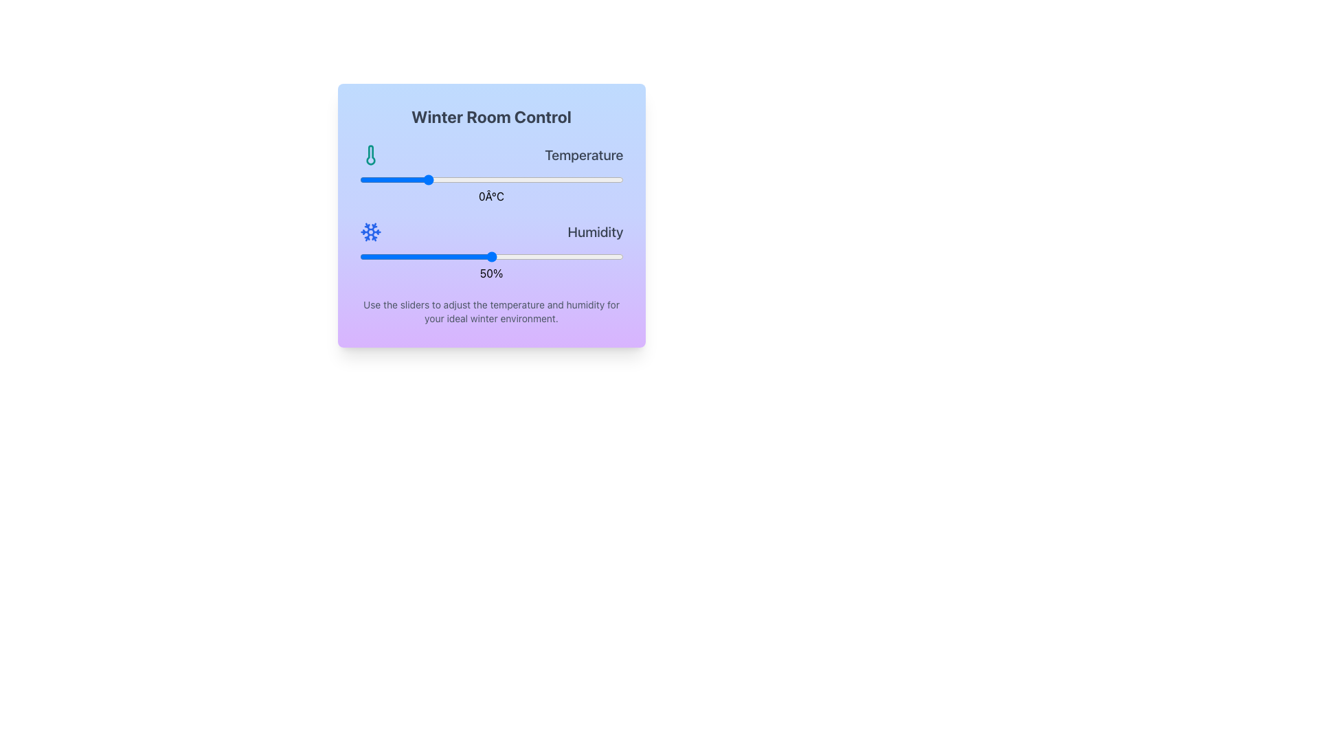 The height and width of the screenshot is (742, 1319). I want to click on the temperature, so click(564, 179).